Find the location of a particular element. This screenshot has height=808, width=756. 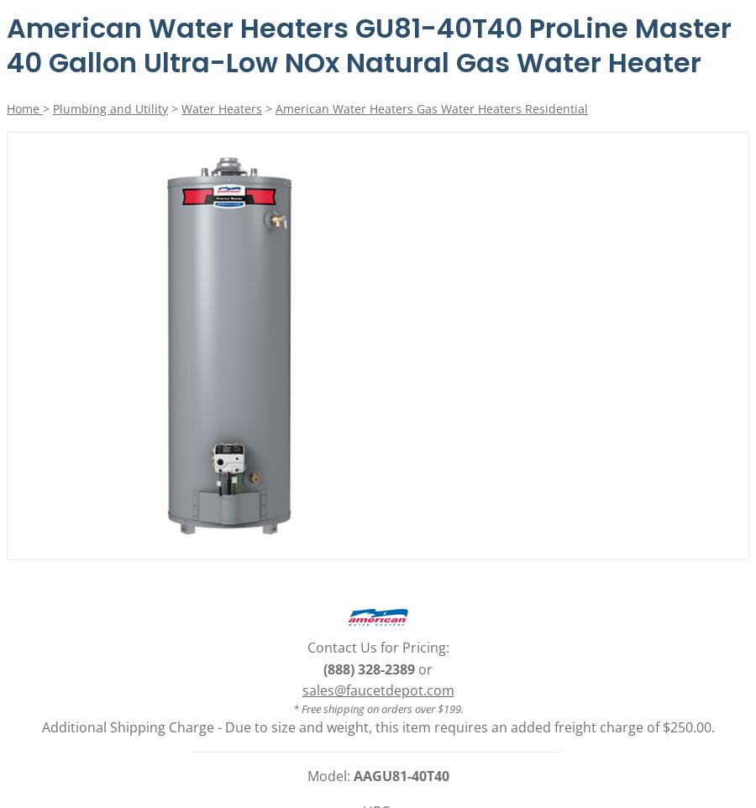

'(888) 328-2389' is located at coordinates (369, 667).